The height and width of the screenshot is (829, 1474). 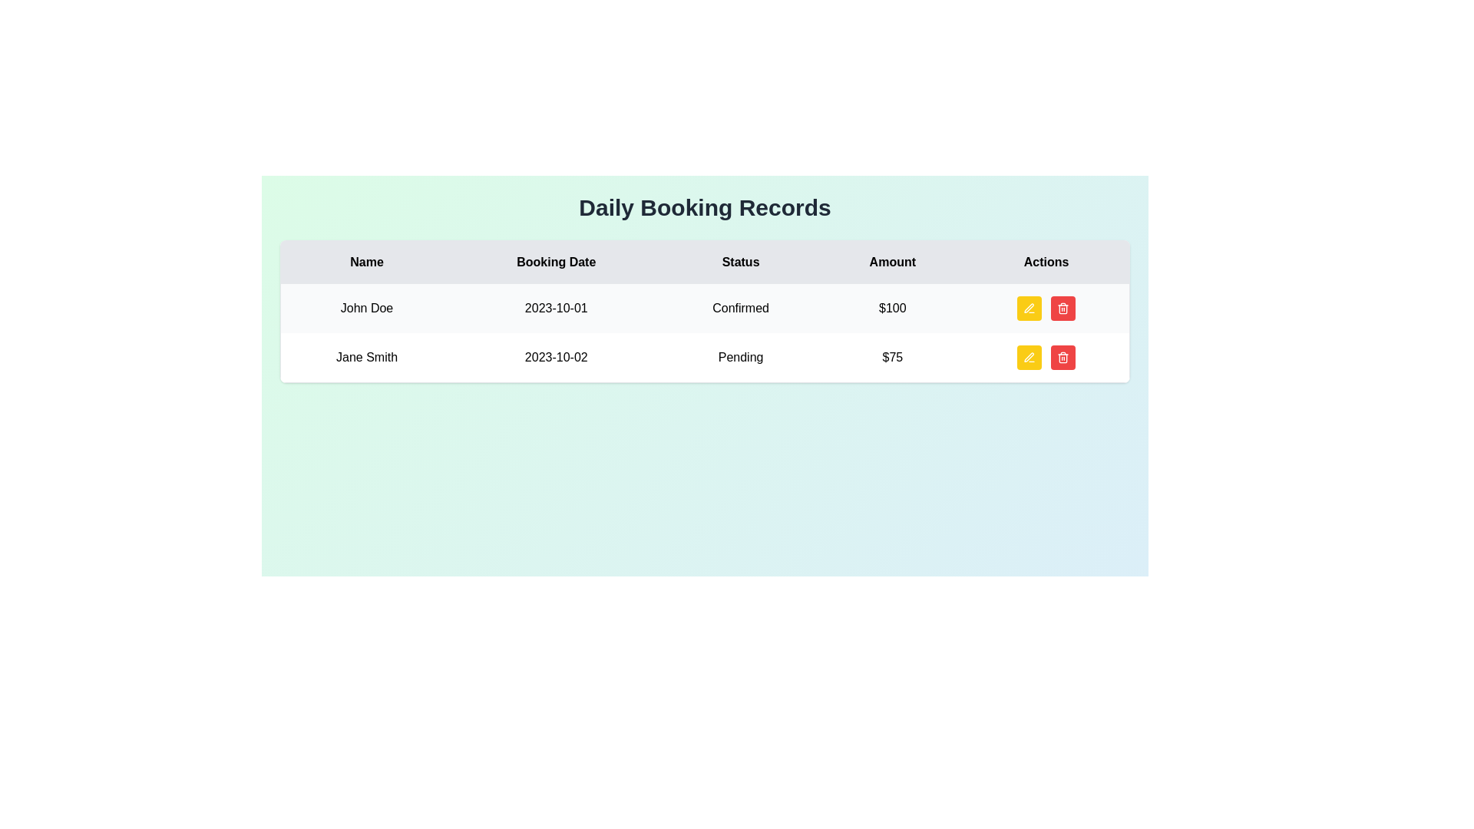 What do you see at coordinates (555, 358) in the screenshot?
I see `the static text displaying the date '2023-10-02' in the second column of the second row under the 'Booking Date' header, associated with the 'Jane Smith' entry` at bounding box center [555, 358].